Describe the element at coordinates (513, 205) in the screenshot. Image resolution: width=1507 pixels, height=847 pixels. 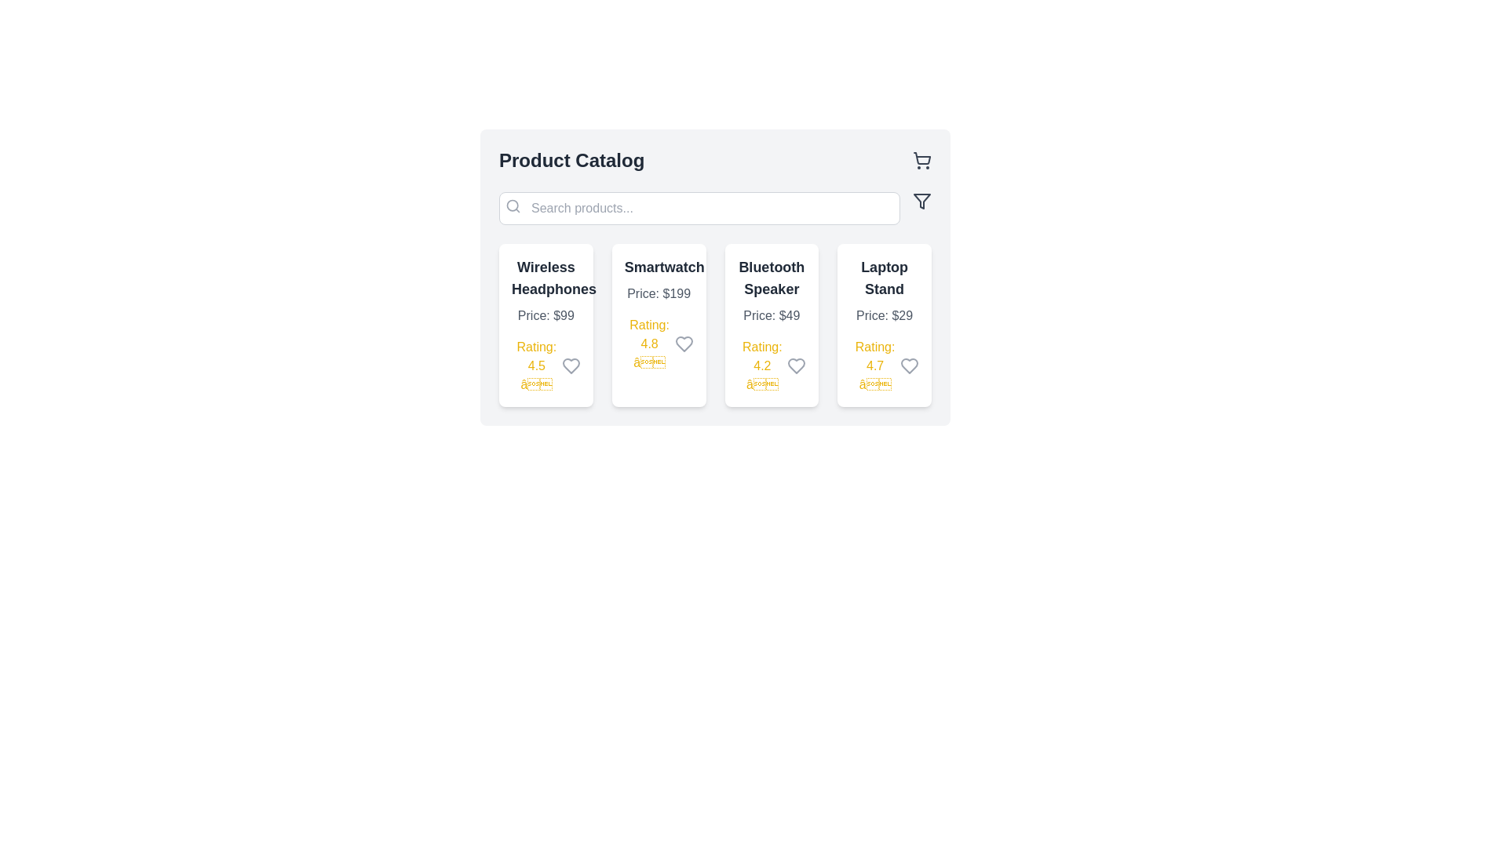
I see `the magnifying glass icon located inside the search input box at the left side of the 'Product Catalog' panel` at that location.